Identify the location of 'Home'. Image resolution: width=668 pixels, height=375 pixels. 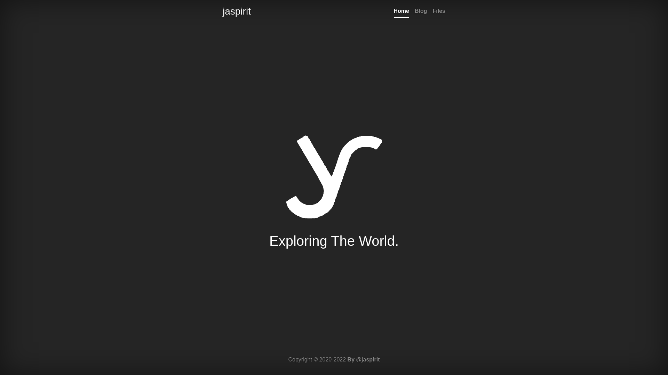
(401, 12).